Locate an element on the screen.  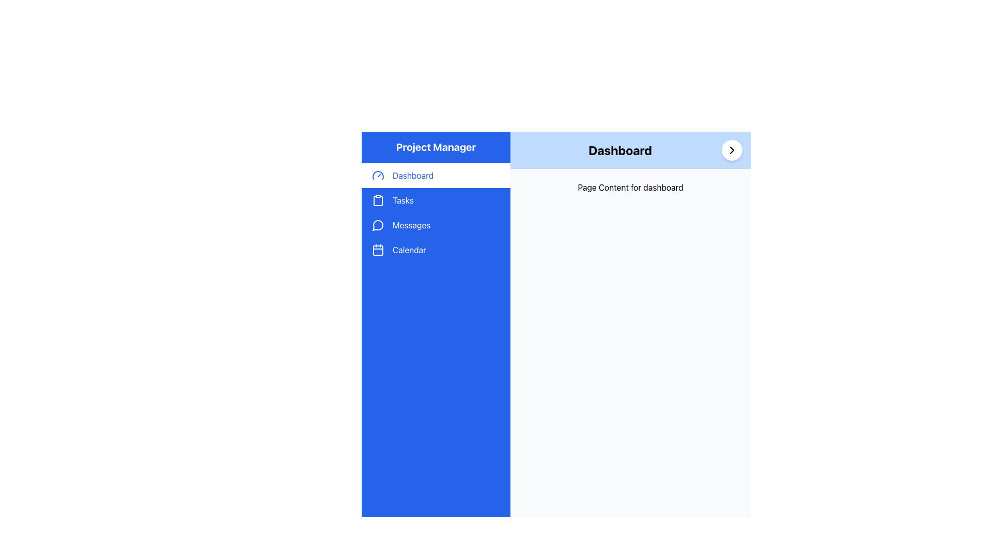
text of the Section Header indicating the current focus on the 'Dashboard' section, located at the top of the central content area is located at coordinates (630, 150).